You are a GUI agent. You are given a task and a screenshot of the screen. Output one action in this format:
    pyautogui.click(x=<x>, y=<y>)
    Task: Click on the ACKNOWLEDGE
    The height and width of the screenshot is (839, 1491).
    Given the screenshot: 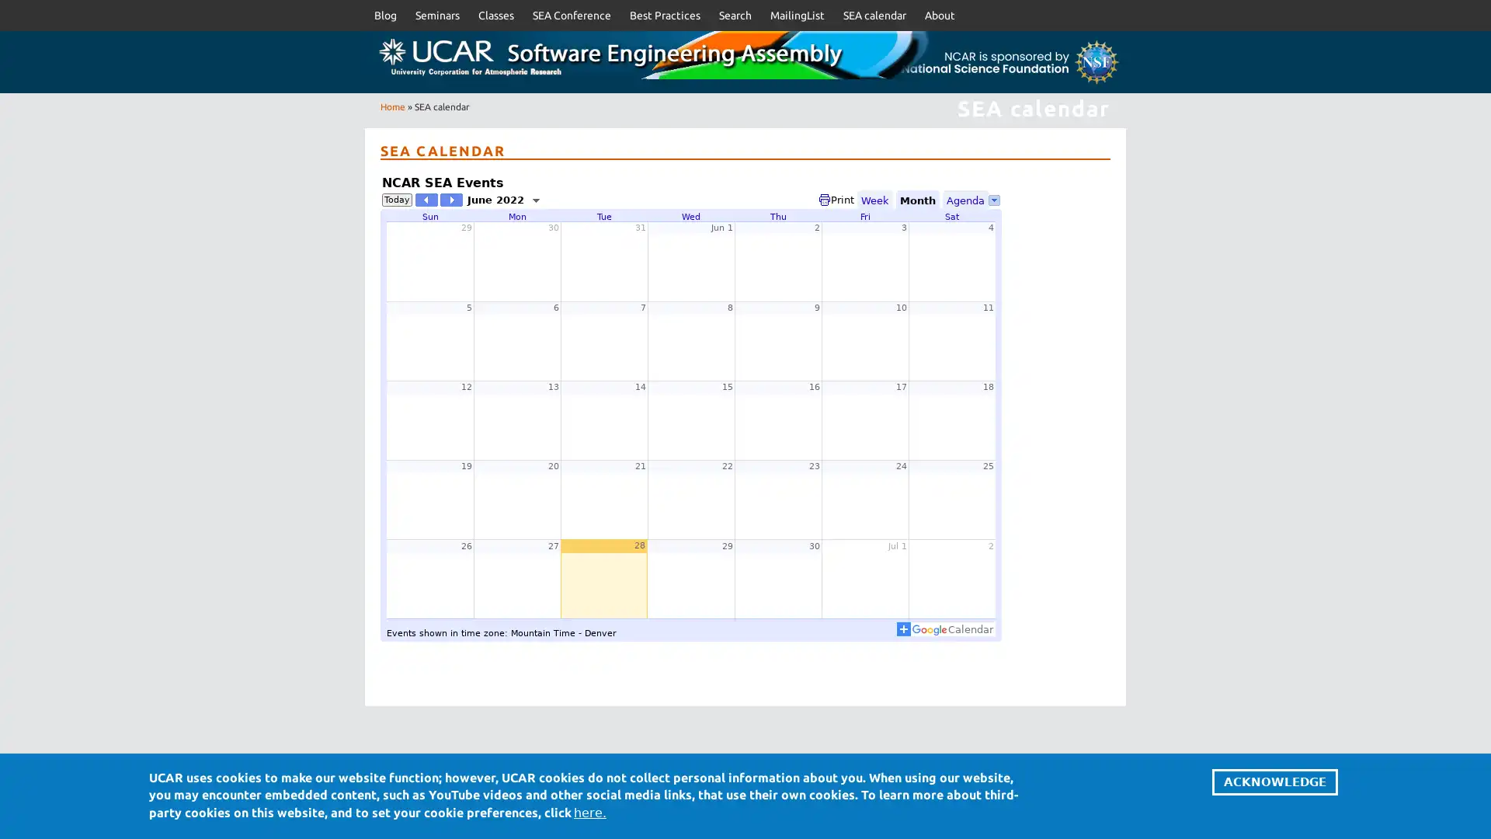 What is the action you would take?
    pyautogui.click(x=1274, y=782)
    